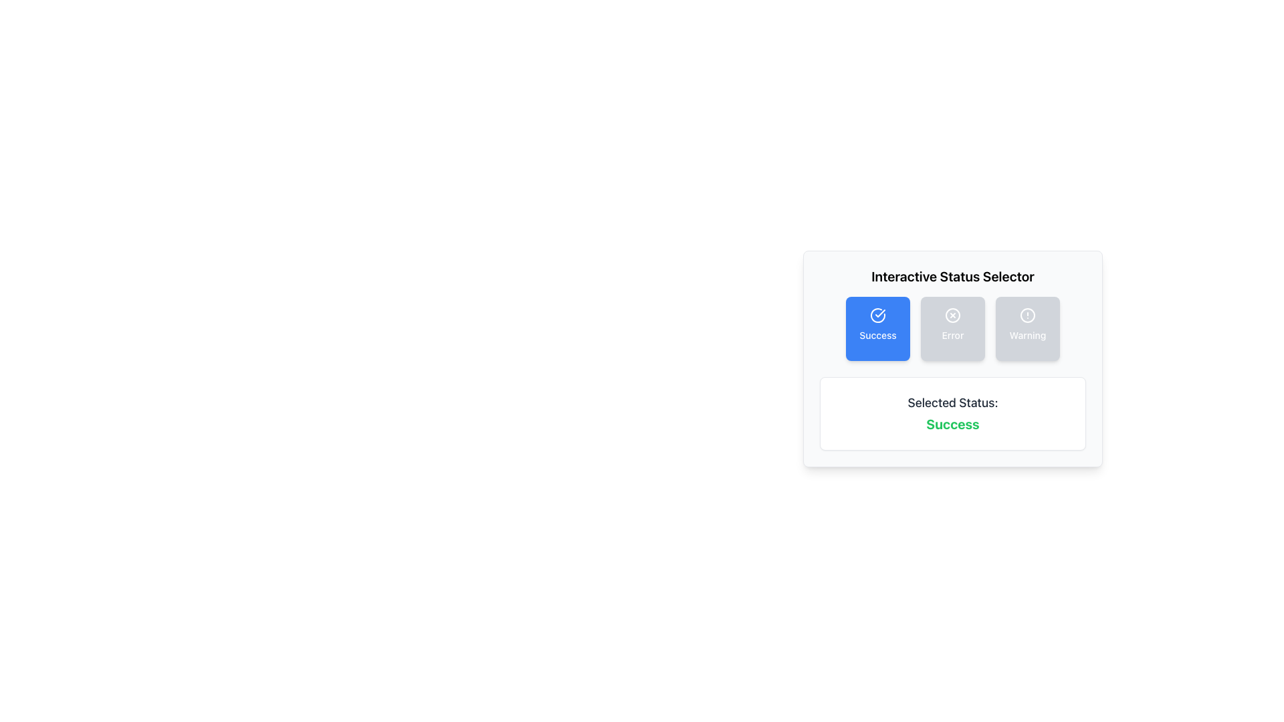  What do you see at coordinates (880, 314) in the screenshot?
I see `the inner checkmark of the success status icon, which is the leftmost icon in the status selection component` at bounding box center [880, 314].